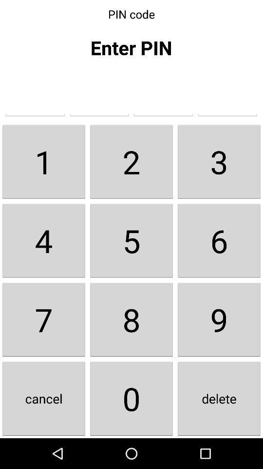  I want to click on the 1 item, so click(43, 161).